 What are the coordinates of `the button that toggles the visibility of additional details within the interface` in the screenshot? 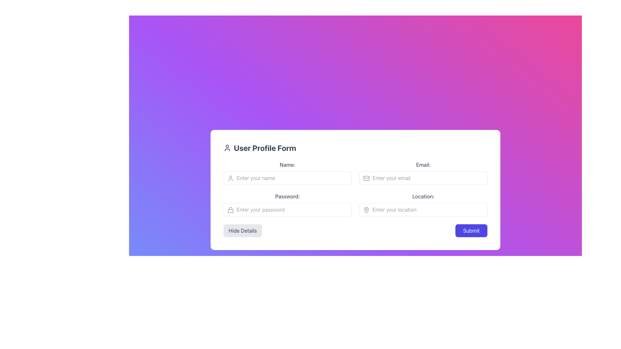 It's located at (242, 230).